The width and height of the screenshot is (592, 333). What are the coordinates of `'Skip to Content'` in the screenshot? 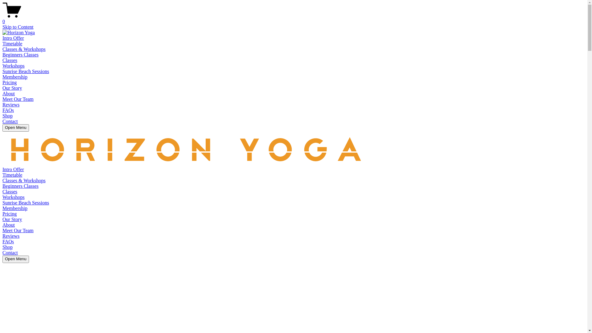 It's located at (18, 27).